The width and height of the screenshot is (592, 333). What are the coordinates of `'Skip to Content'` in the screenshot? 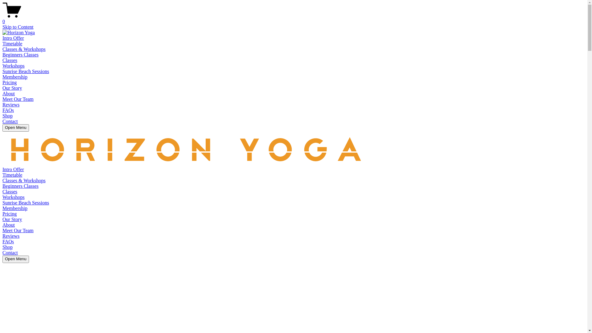 It's located at (18, 27).